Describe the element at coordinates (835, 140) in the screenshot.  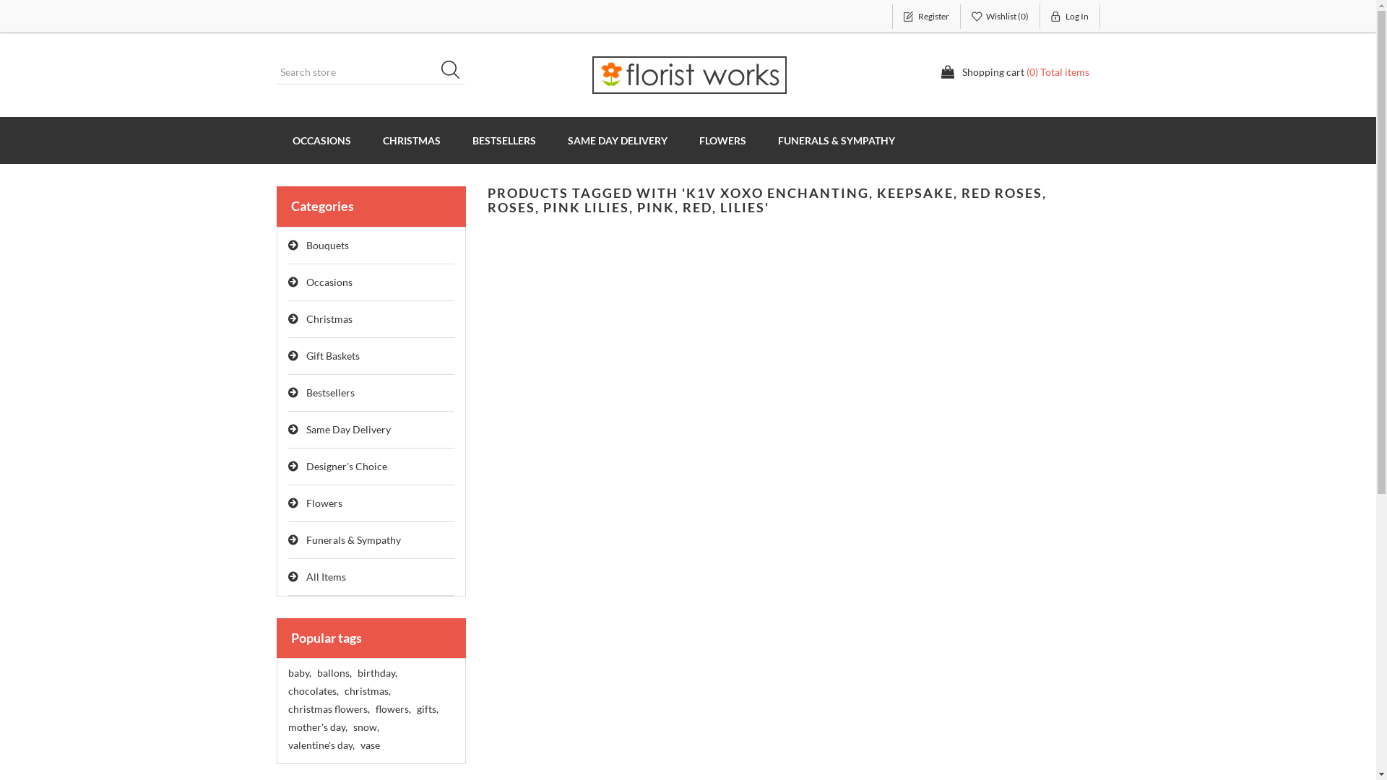
I see `'FUNERALS & SYMPATHY'` at that location.